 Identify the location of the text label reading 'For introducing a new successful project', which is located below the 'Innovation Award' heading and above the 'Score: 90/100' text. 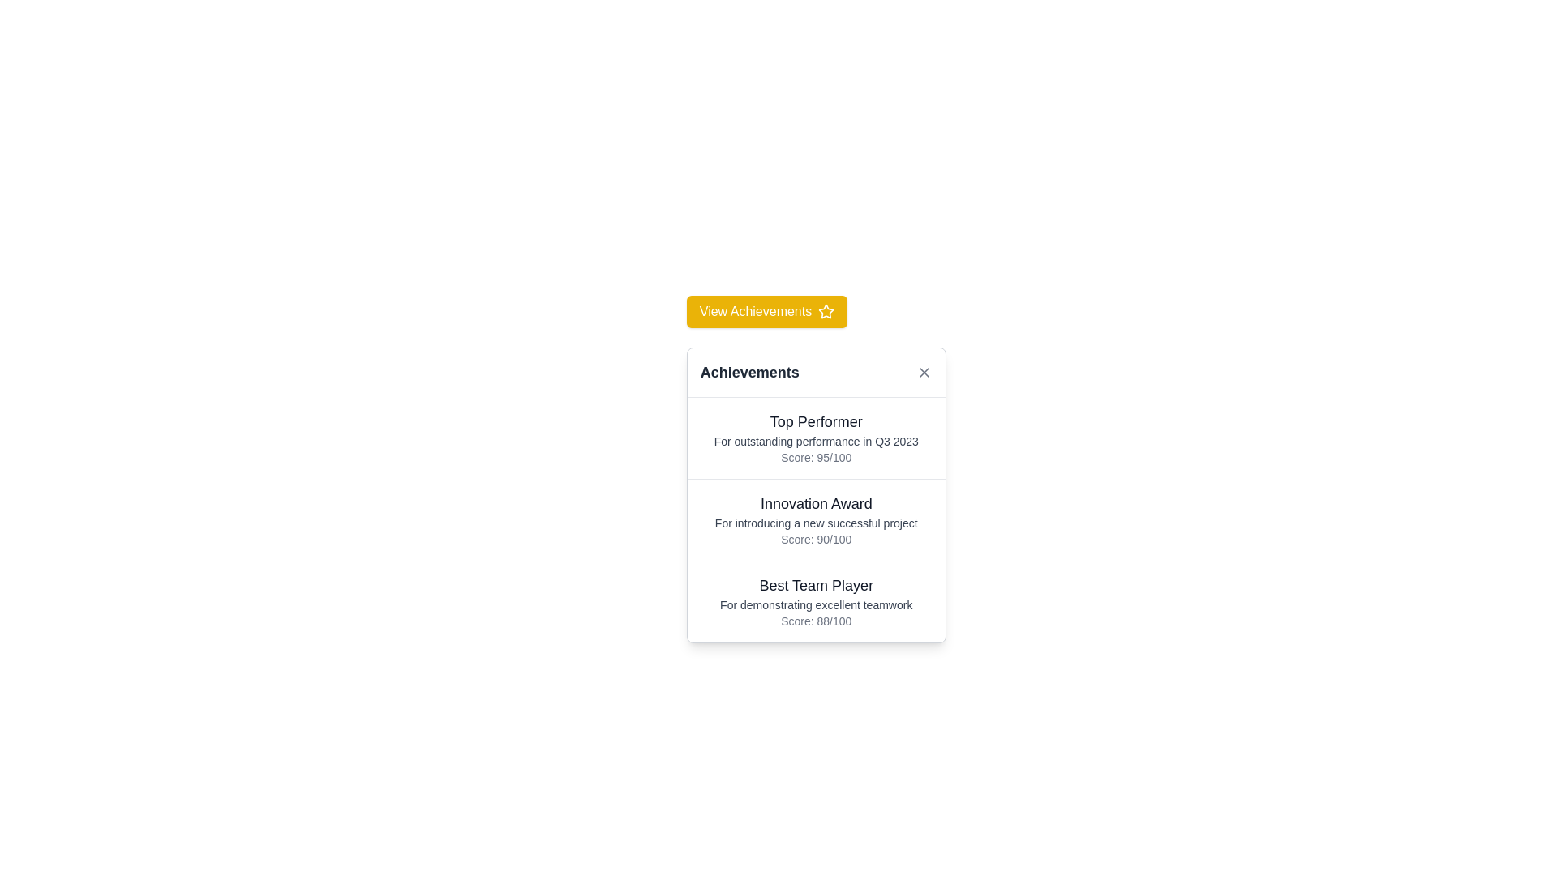
(816, 523).